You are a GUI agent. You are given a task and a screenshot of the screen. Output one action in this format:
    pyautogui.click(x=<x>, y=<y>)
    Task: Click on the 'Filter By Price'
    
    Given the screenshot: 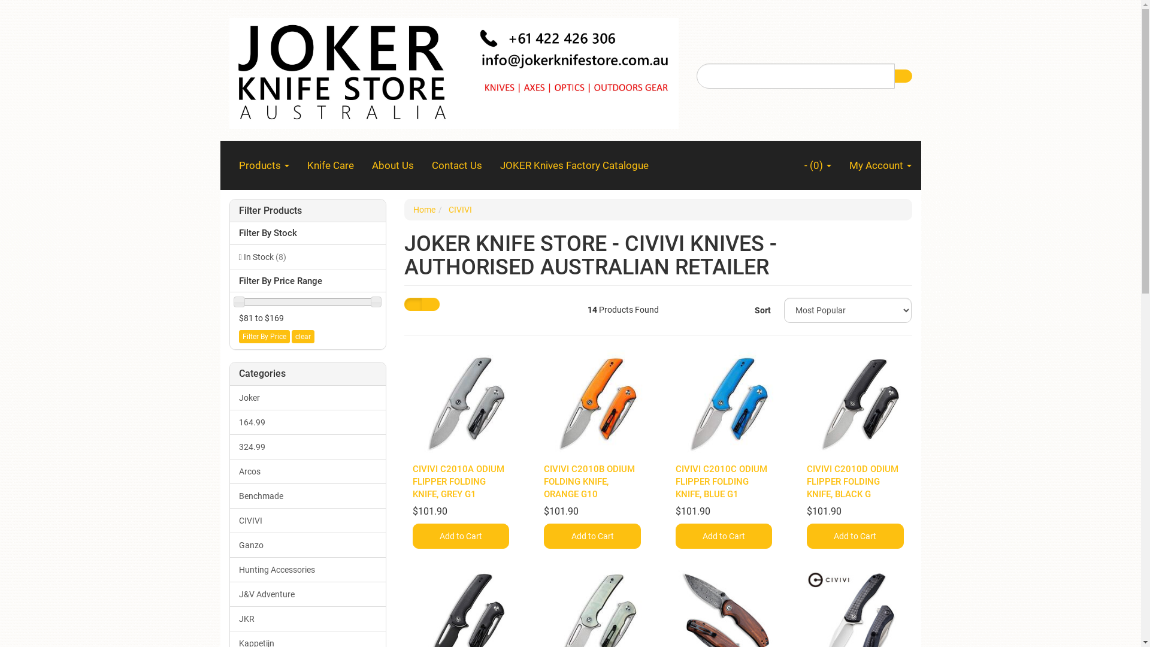 What is the action you would take?
    pyautogui.click(x=263, y=337)
    